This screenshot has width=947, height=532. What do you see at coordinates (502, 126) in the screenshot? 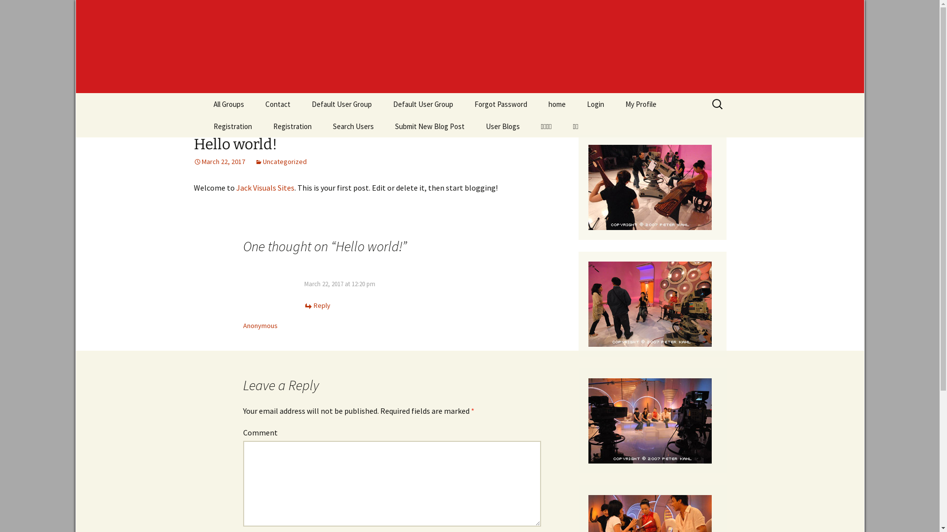
I see `'User Blogs'` at bounding box center [502, 126].